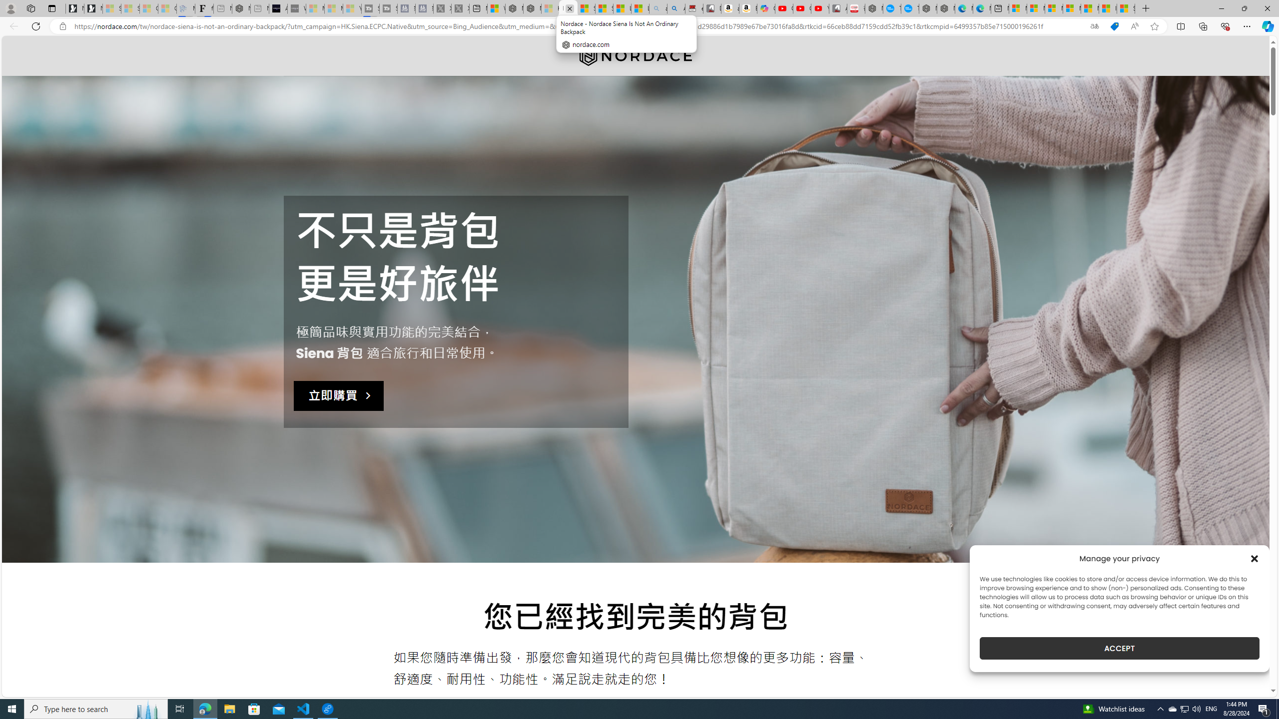  Describe the element at coordinates (657, 8) in the screenshot. I see `'amazon - Search - Sleeping'` at that location.